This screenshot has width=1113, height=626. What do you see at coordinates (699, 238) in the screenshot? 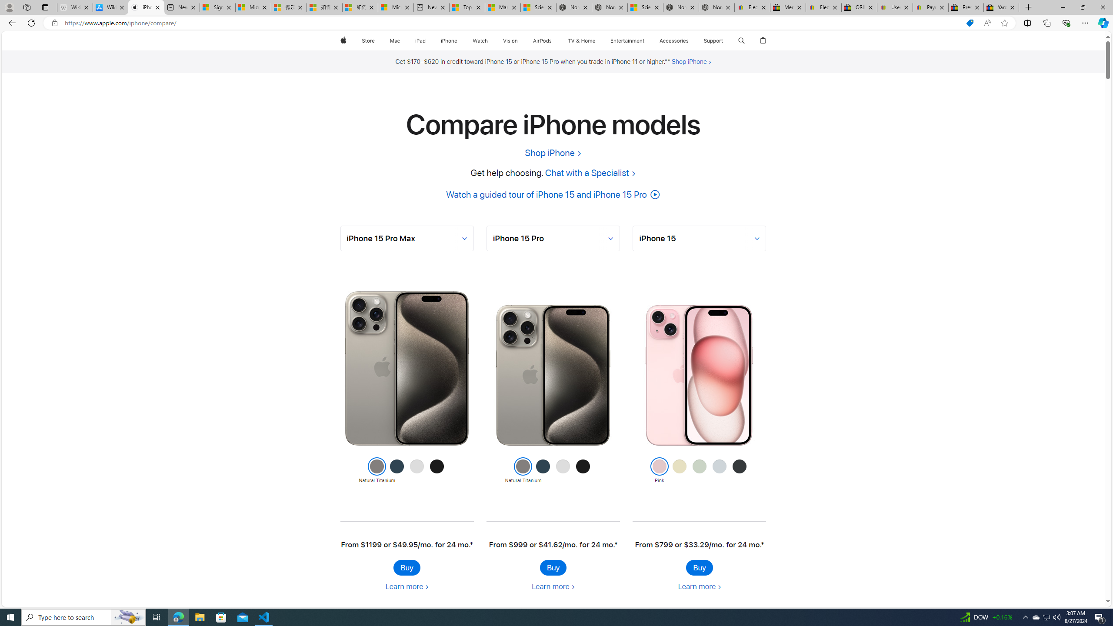
I see `'AutomationID: selector-2'` at bounding box center [699, 238].